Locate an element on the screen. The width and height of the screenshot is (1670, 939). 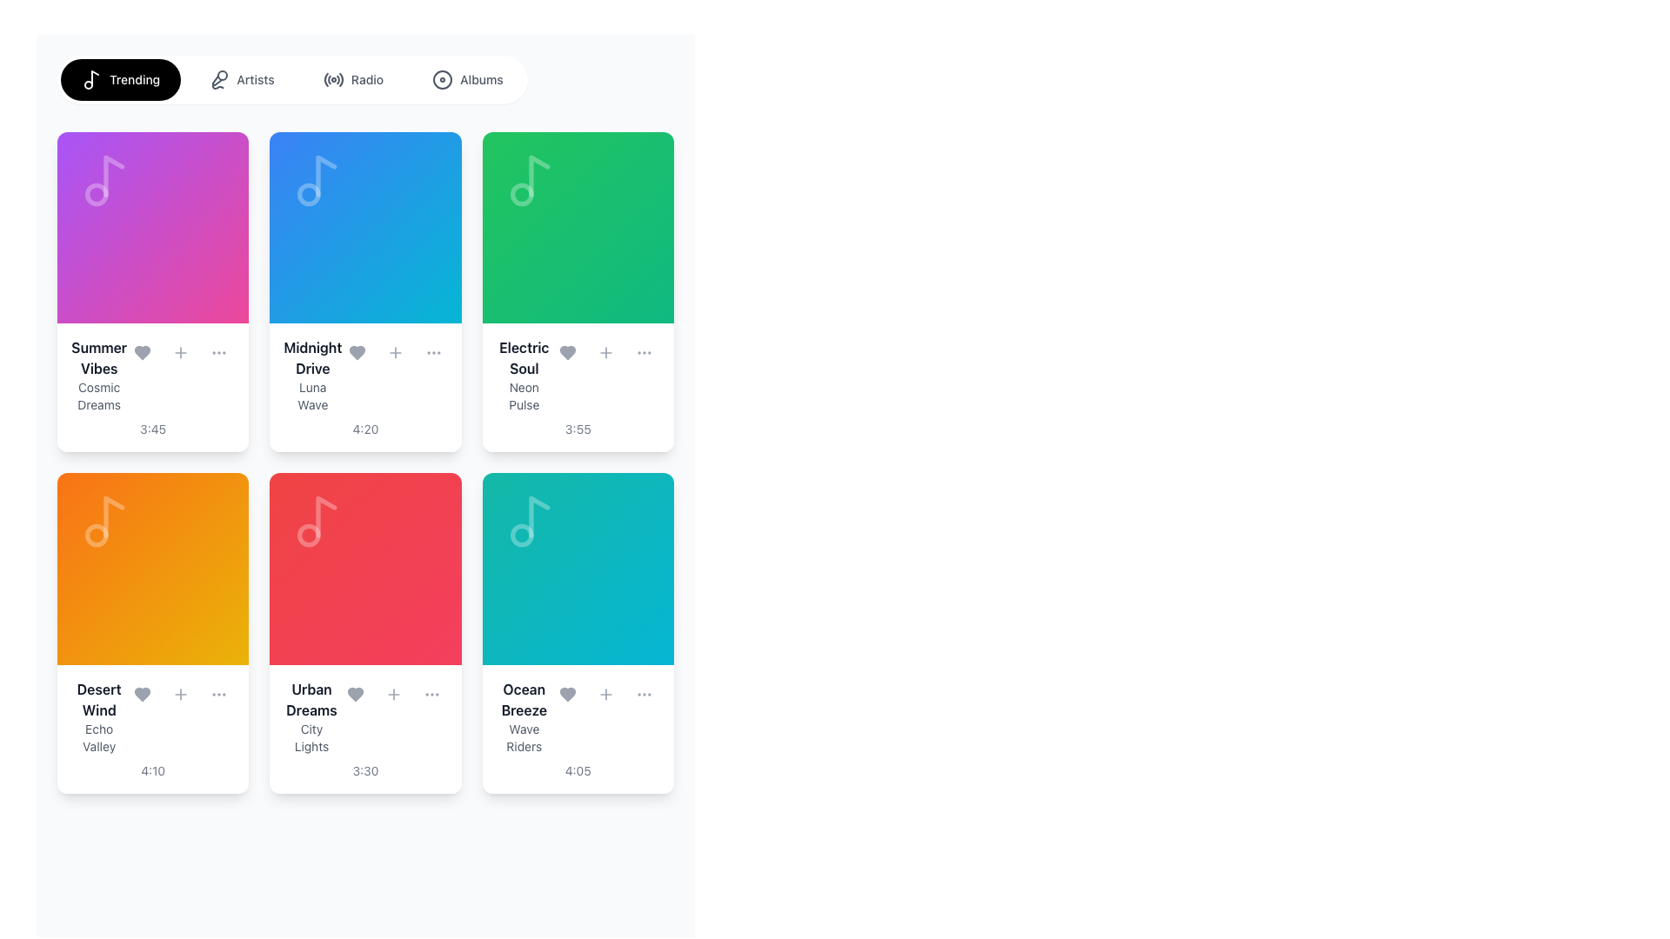
the SVG circle that is part of the music note icon within the orange rectangular card for the song 'Desert Wind' by Echo Valley, located in the second row of the grid layout is located at coordinates (96, 535).